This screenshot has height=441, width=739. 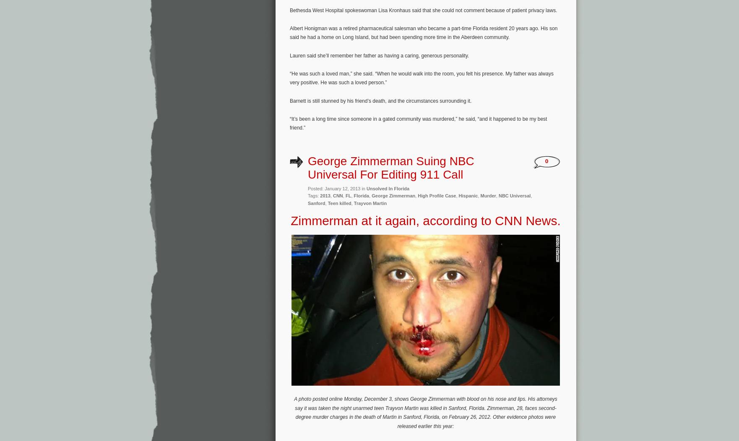 What do you see at coordinates (307, 167) in the screenshot?
I see `'George Zimmerman Suing NBC Universal For Editing 911 Call'` at bounding box center [307, 167].